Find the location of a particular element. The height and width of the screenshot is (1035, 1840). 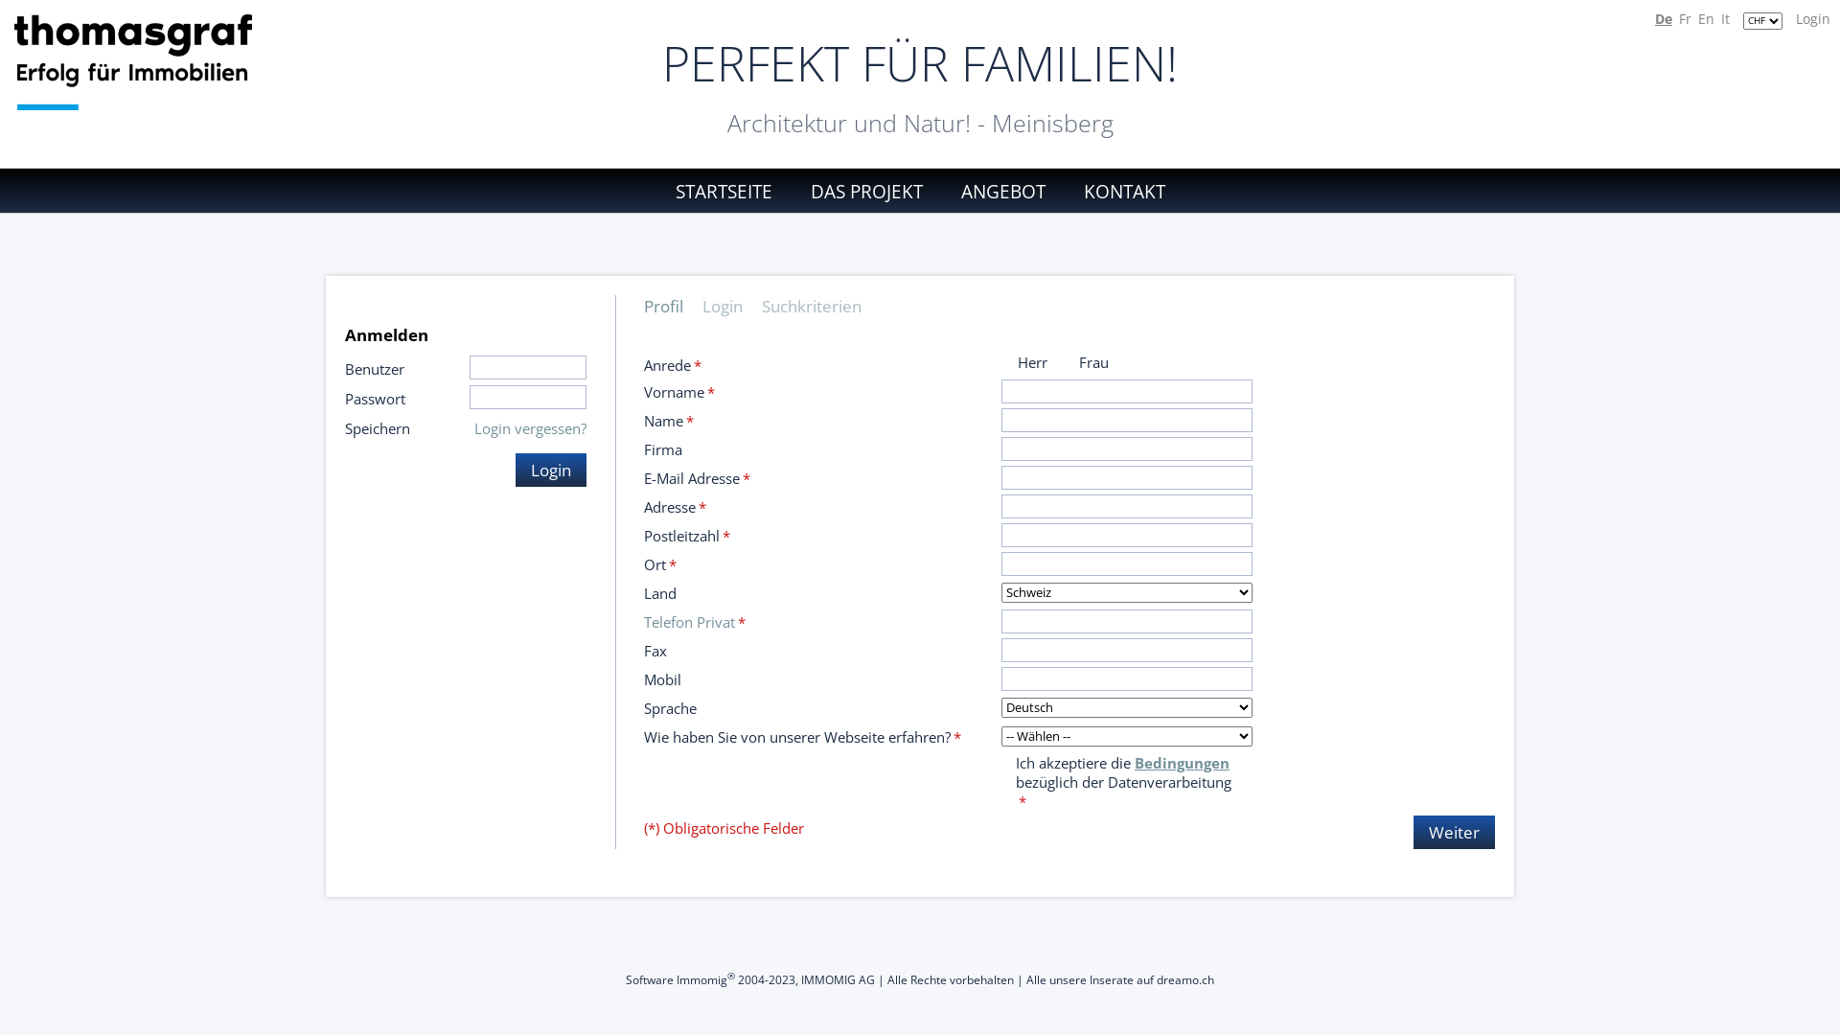

'dreamo.ch' is located at coordinates (1155, 979).